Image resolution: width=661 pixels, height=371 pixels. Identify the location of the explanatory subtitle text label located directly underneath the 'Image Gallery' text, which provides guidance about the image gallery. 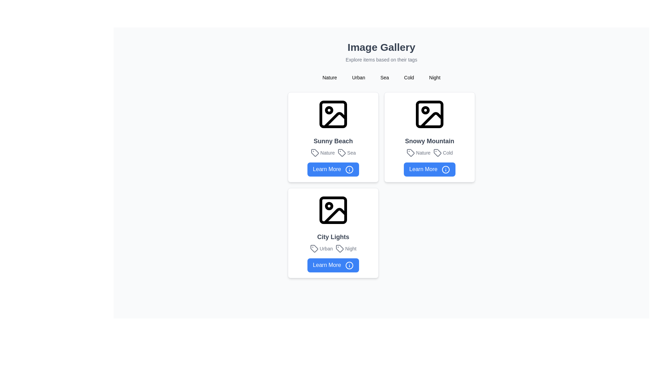
(381, 59).